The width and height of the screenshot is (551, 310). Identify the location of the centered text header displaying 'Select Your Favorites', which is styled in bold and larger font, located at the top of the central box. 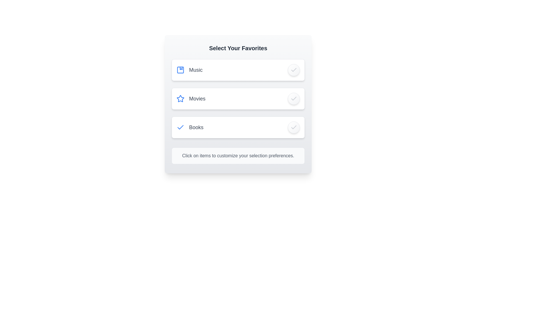
(238, 48).